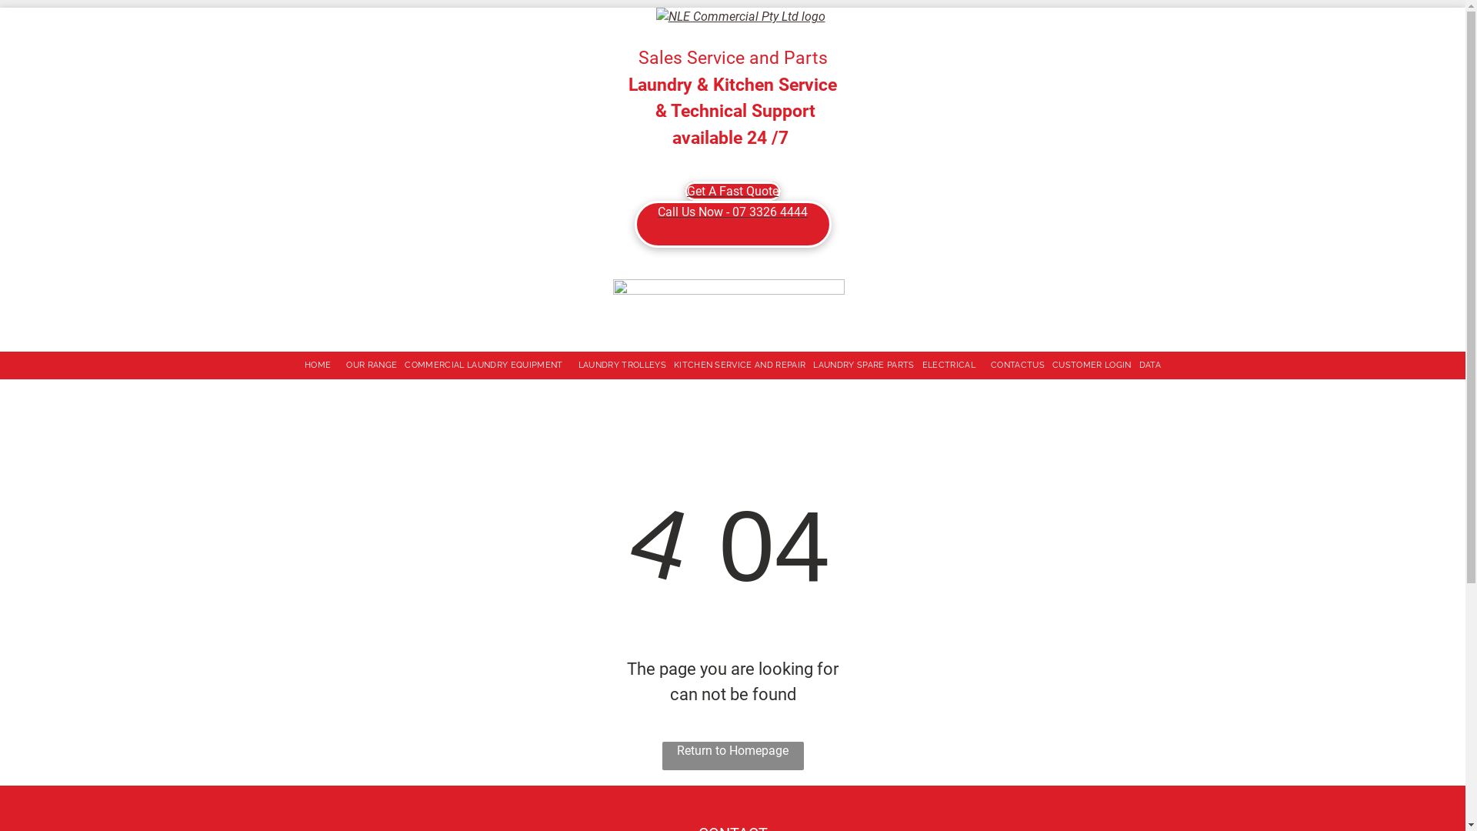  What do you see at coordinates (574, 365) in the screenshot?
I see `'LAUNDRY TROLLEYS'` at bounding box center [574, 365].